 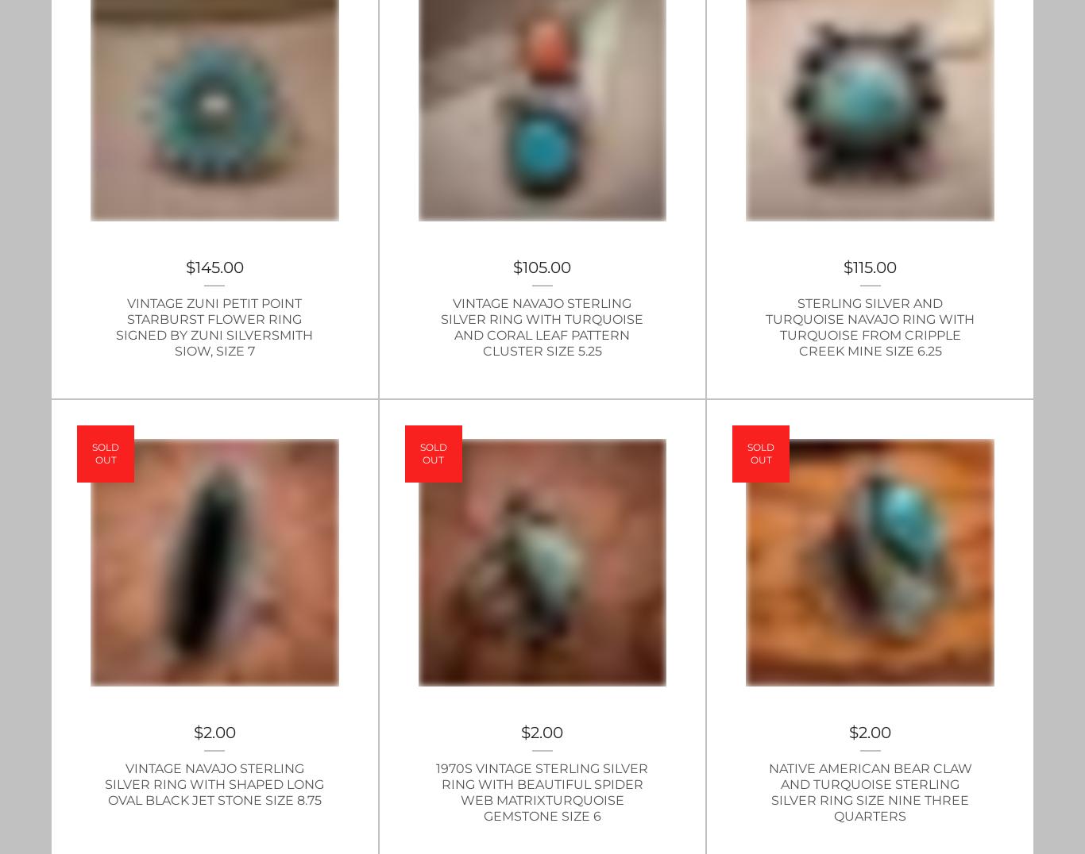 What do you see at coordinates (214, 783) in the screenshot?
I see `'Vintage Navajo Sterling Silver Ring with shaped Long Oval Black Jet stone  Size 8.75'` at bounding box center [214, 783].